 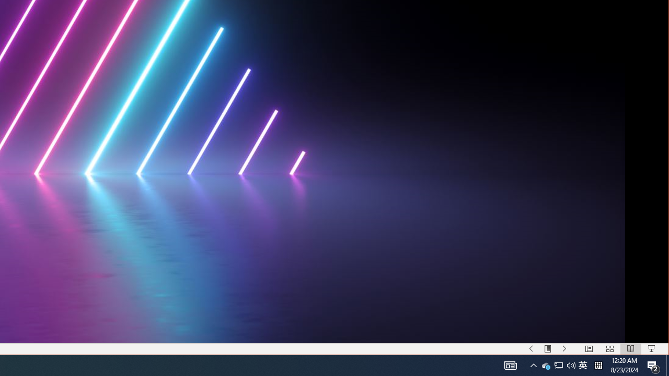 I want to click on 'Show desktop', so click(x=667, y=365).